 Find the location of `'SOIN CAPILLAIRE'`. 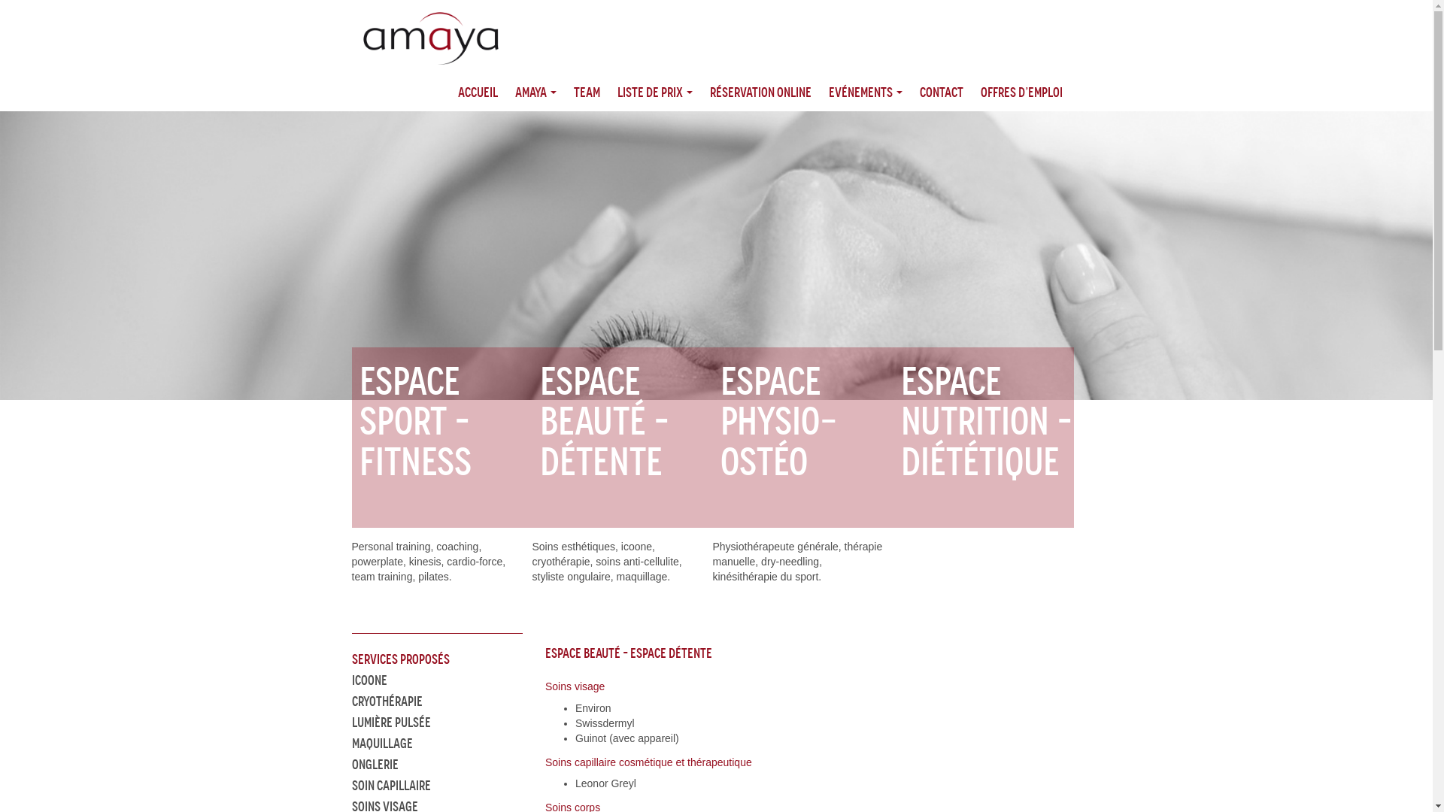

'SOIN CAPILLAIRE' is located at coordinates (391, 785).